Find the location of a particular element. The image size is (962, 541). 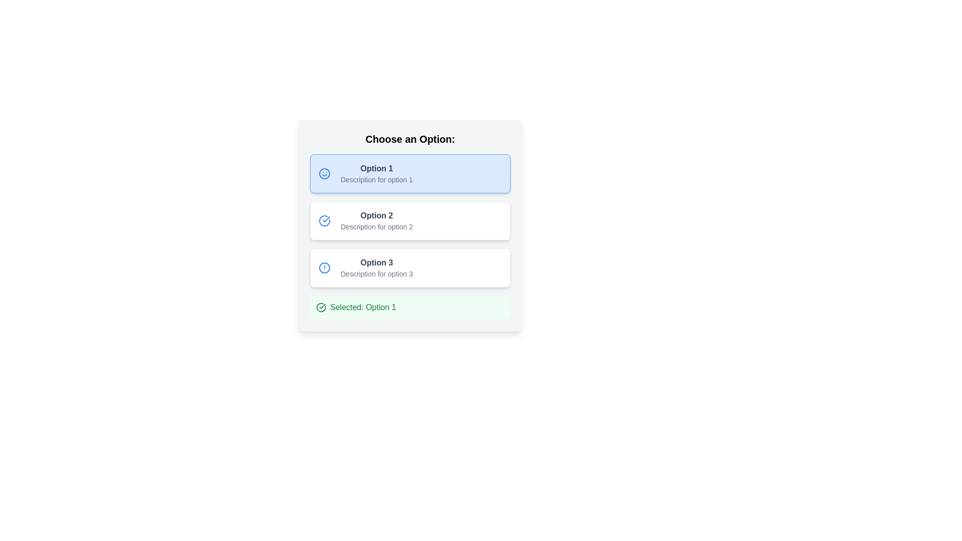

the circular alert icon located to the left of the label 'Option 3' to retrieve more information is located at coordinates (325, 267).